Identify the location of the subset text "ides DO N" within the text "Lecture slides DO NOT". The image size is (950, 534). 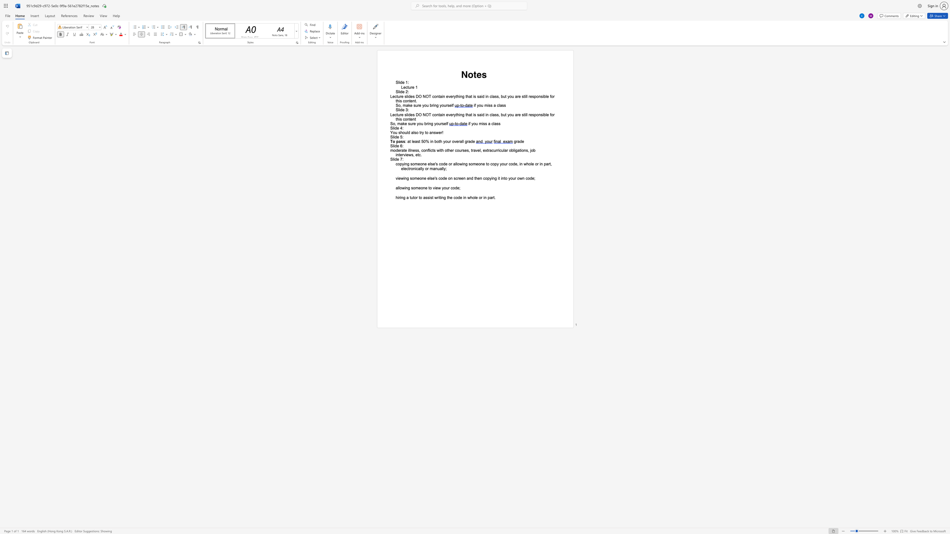
(407, 97).